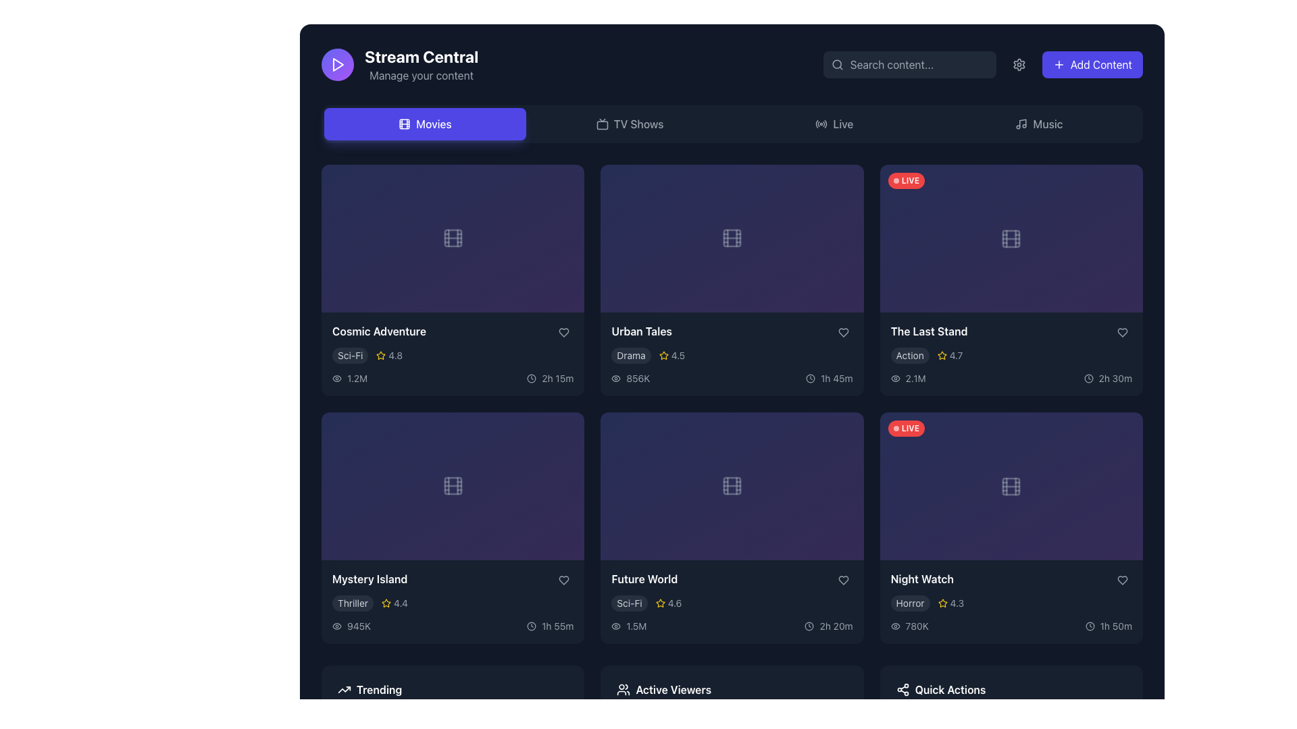  What do you see at coordinates (1011, 486) in the screenshot?
I see `the Media Thumbnail with Badge in the 'Night Watch' section located in the bottom-right grid cell of the 'Movies' section` at bounding box center [1011, 486].